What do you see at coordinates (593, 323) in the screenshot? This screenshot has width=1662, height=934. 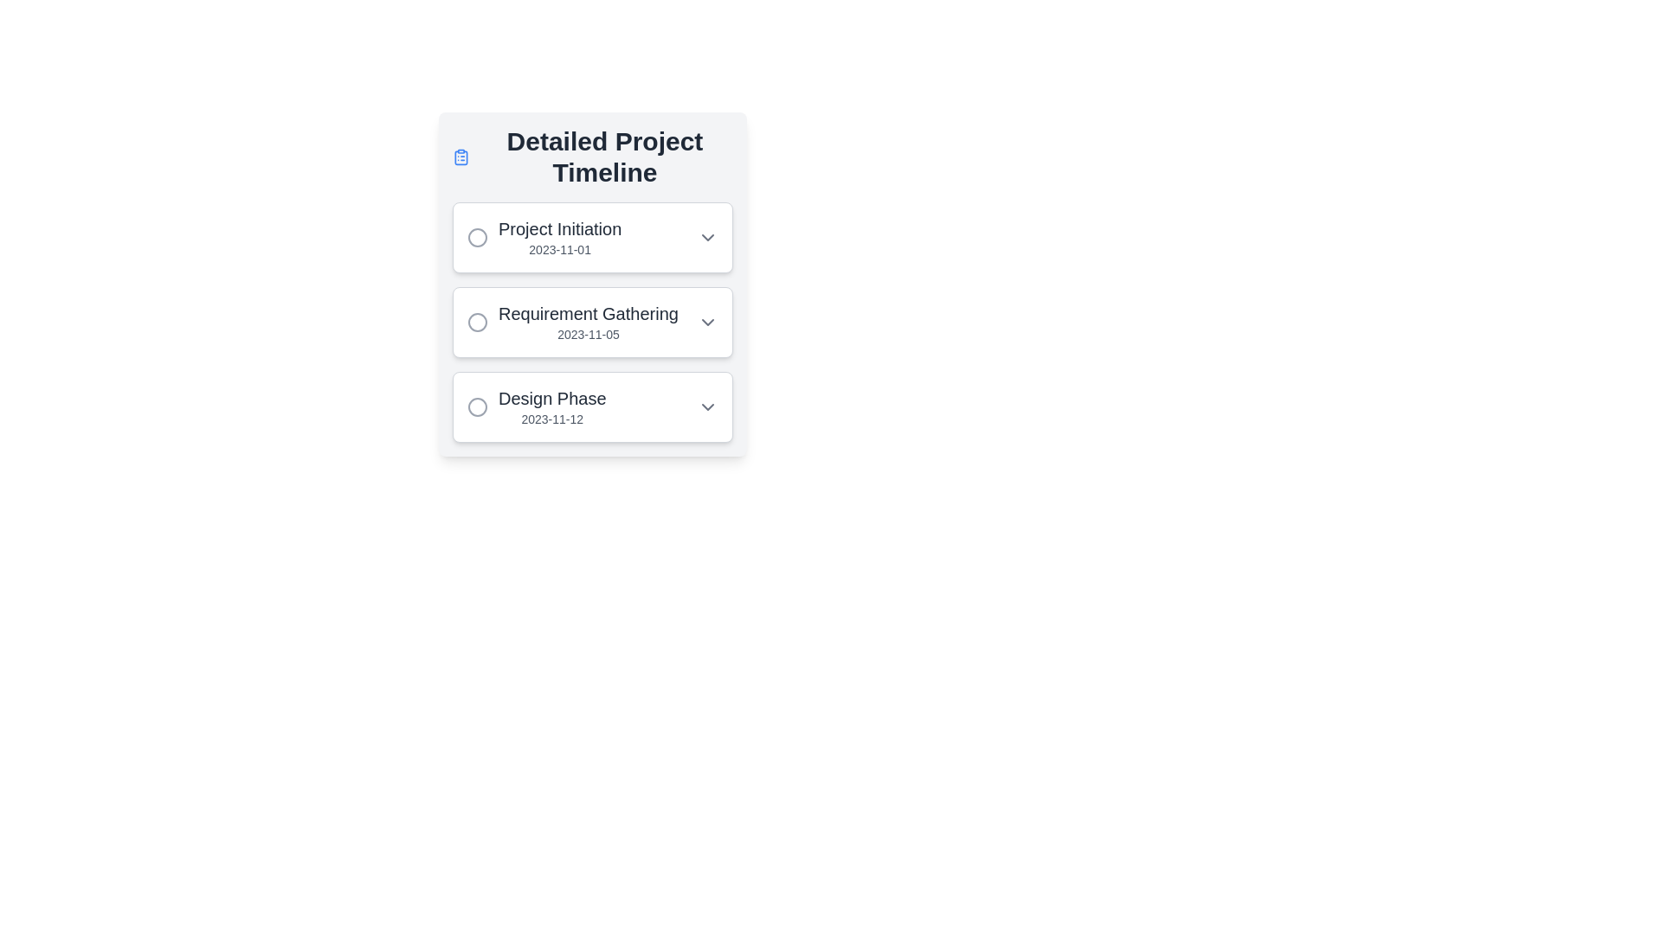 I see `the 'Requirement Gathering' project phase entry` at bounding box center [593, 323].